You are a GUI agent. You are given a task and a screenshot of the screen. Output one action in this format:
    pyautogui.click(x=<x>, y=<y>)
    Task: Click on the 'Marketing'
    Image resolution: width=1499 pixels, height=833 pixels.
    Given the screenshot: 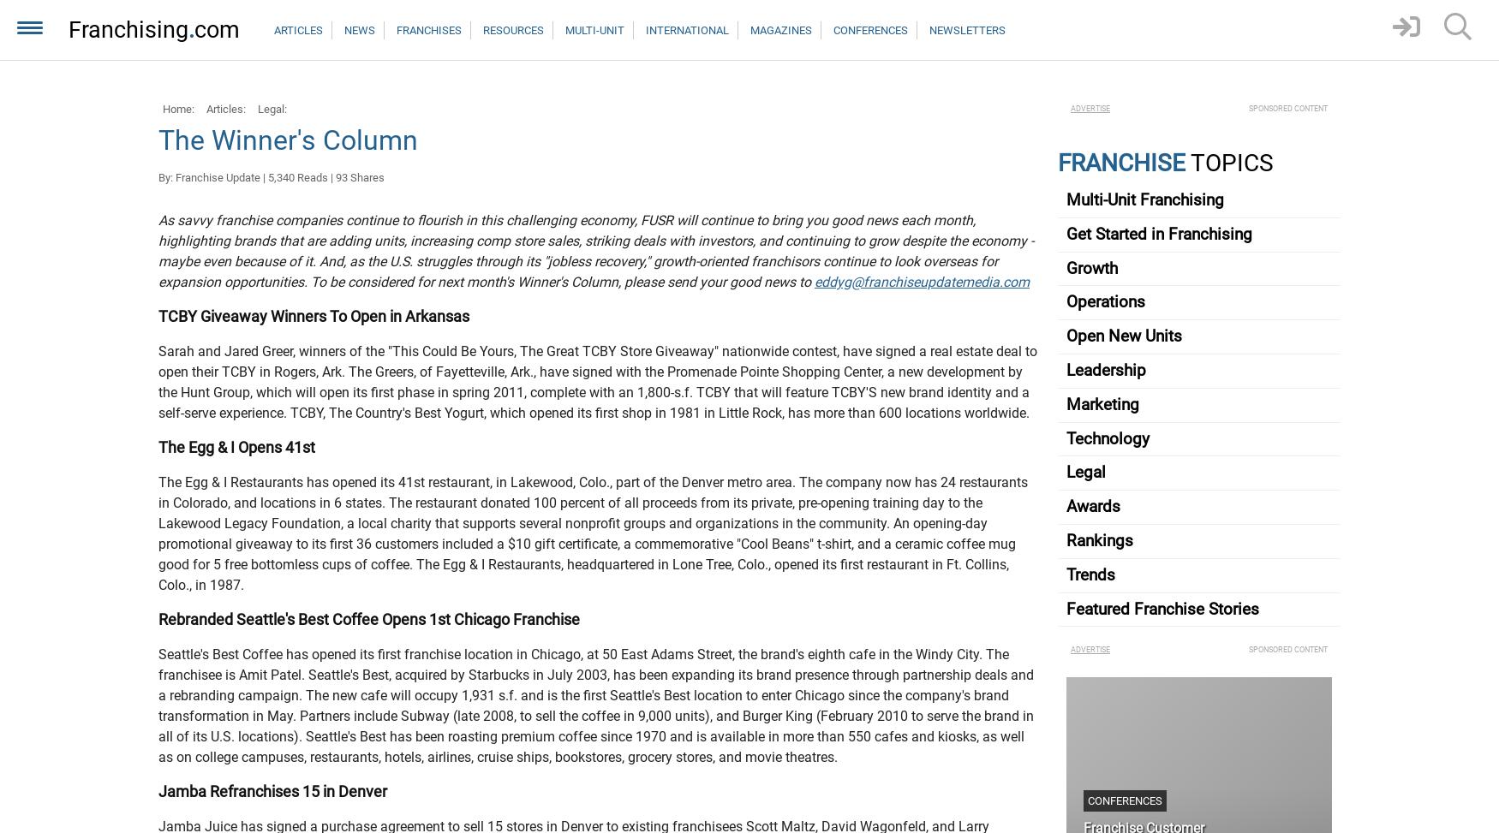 What is the action you would take?
    pyautogui.click(x=1102, y=403)
    